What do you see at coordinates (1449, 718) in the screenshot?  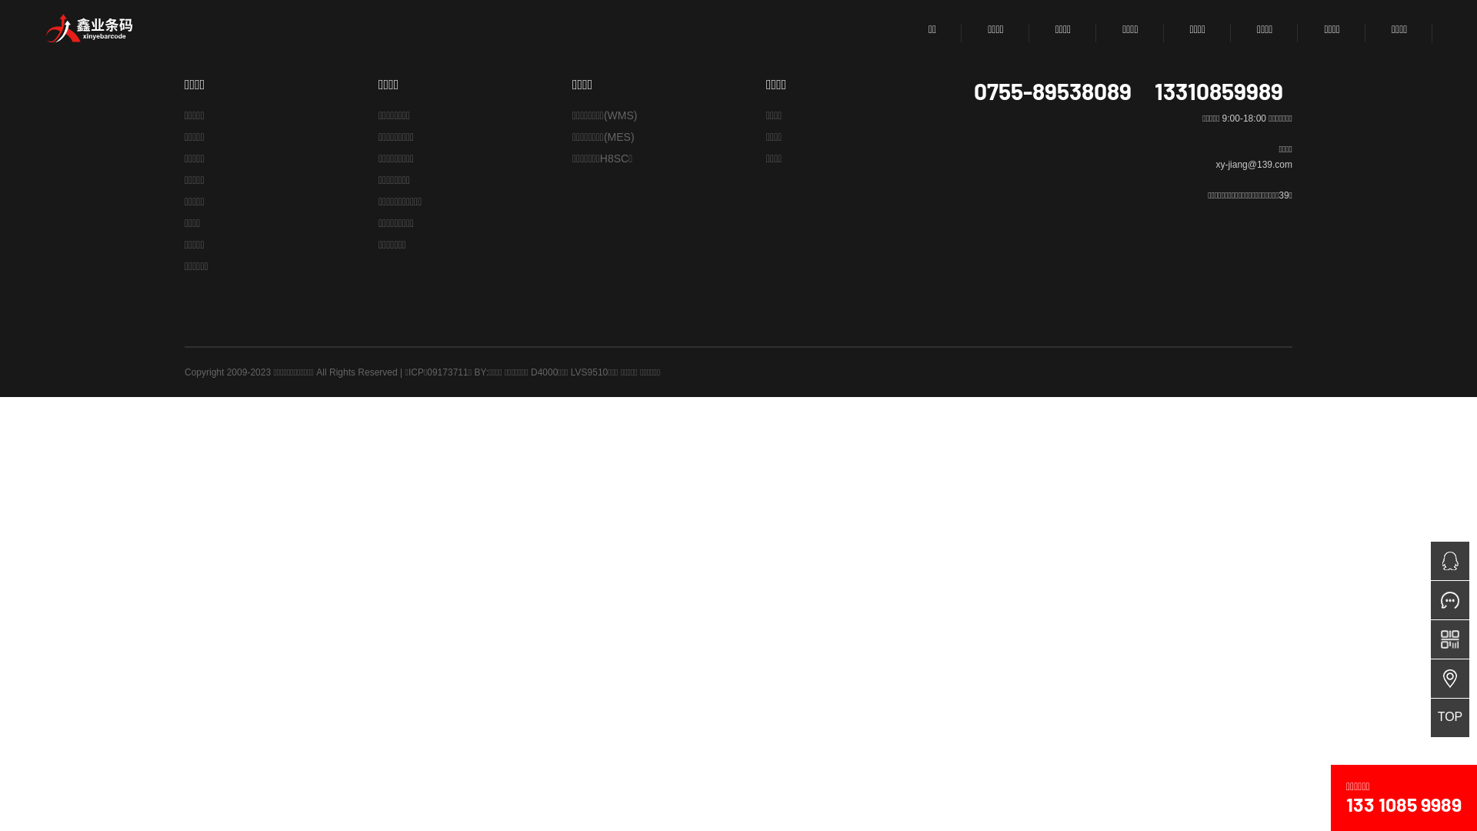 I see `'TOP'` at bounding box center [1449, 718].